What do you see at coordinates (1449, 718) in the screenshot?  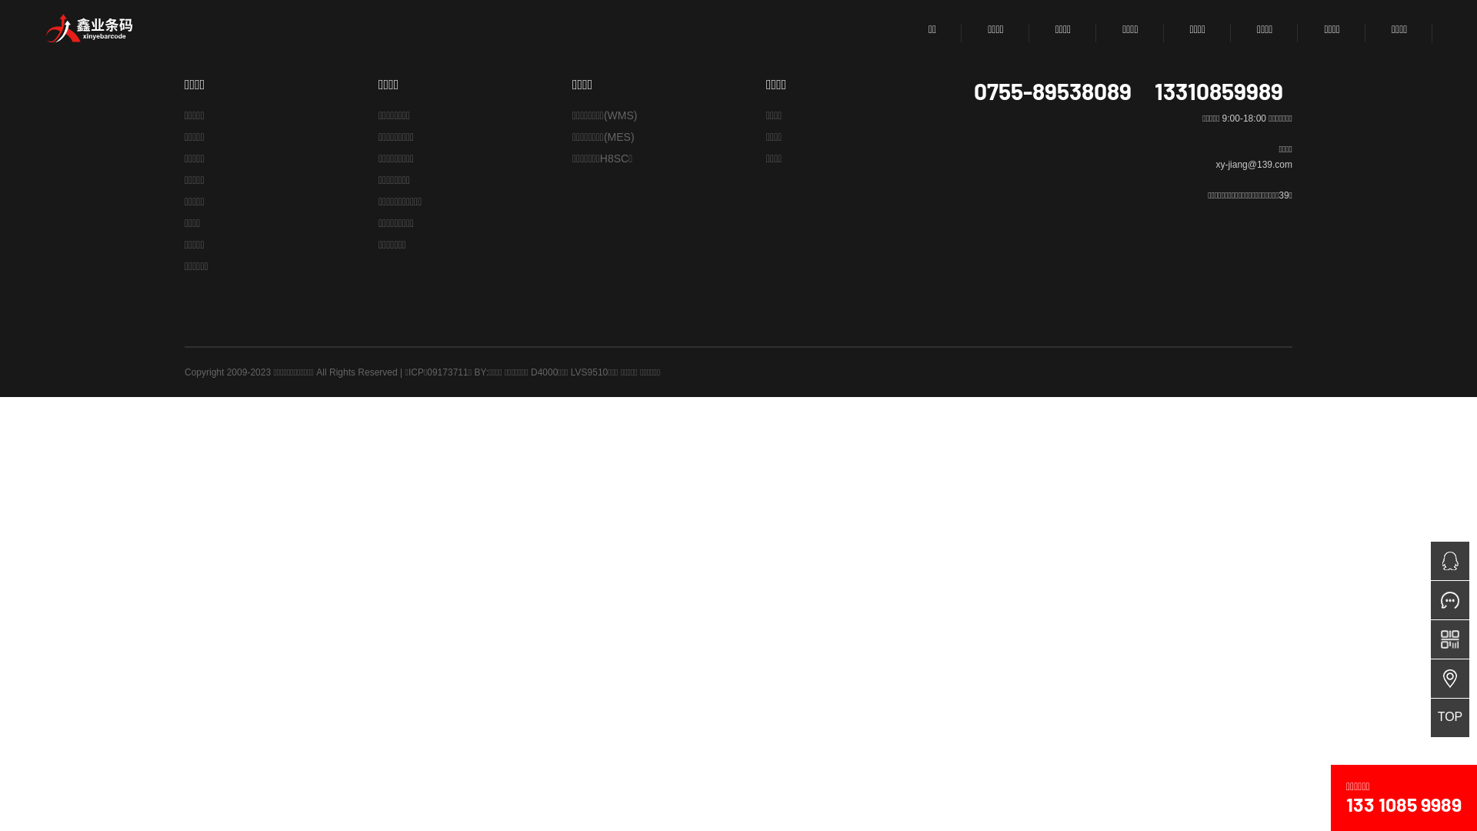 I see `'TOP'` at bounding box center [1449, 718].